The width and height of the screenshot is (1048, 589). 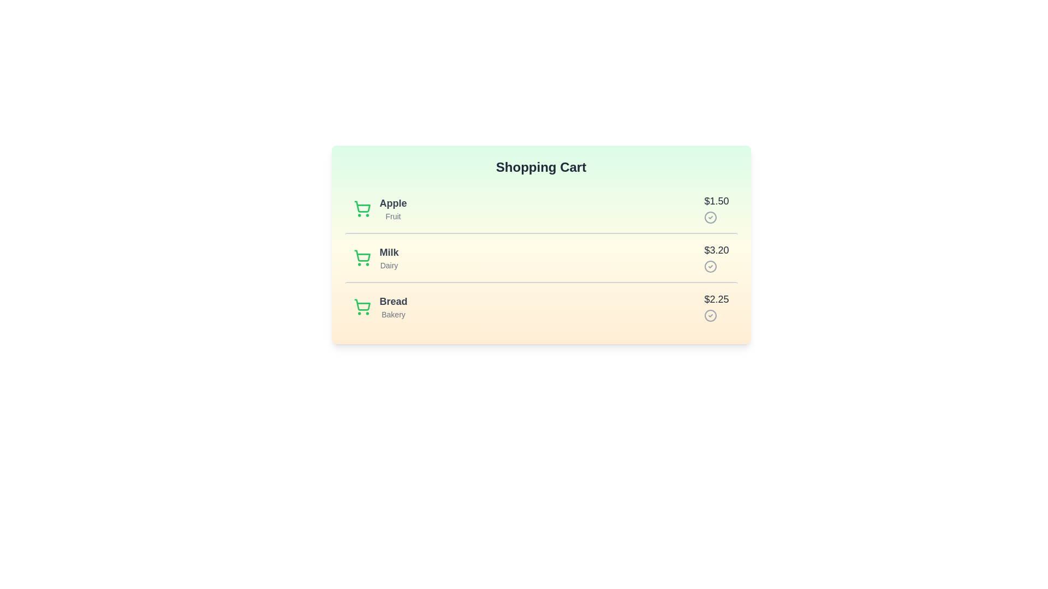 I want to click on the shopping cart icon next to the item Milk, so click(x=362, y=258).